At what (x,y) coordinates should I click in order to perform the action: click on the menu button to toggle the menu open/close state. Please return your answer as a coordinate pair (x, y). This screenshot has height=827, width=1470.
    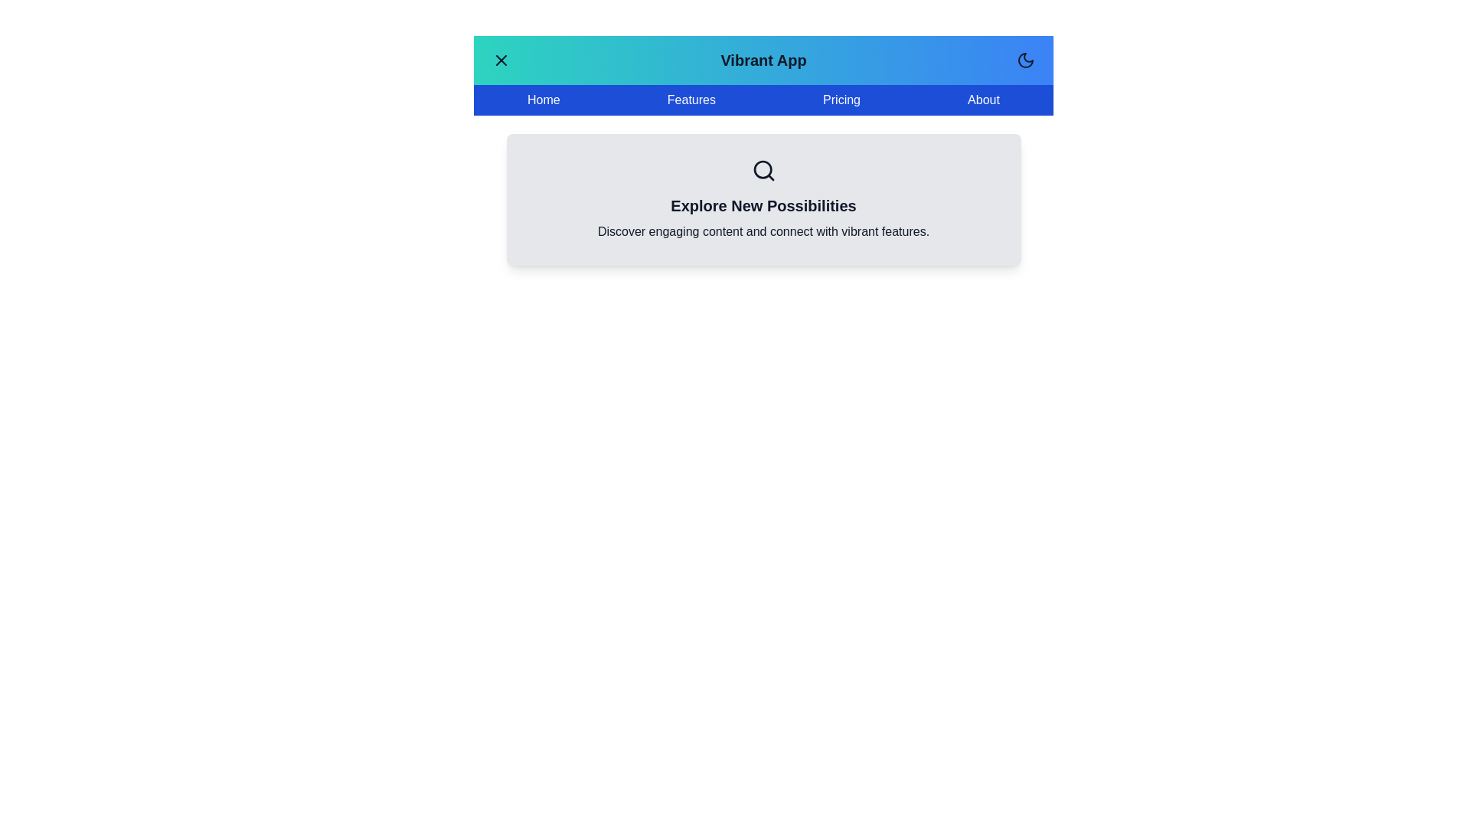
    Looking at the image, I should click on (501, 59).